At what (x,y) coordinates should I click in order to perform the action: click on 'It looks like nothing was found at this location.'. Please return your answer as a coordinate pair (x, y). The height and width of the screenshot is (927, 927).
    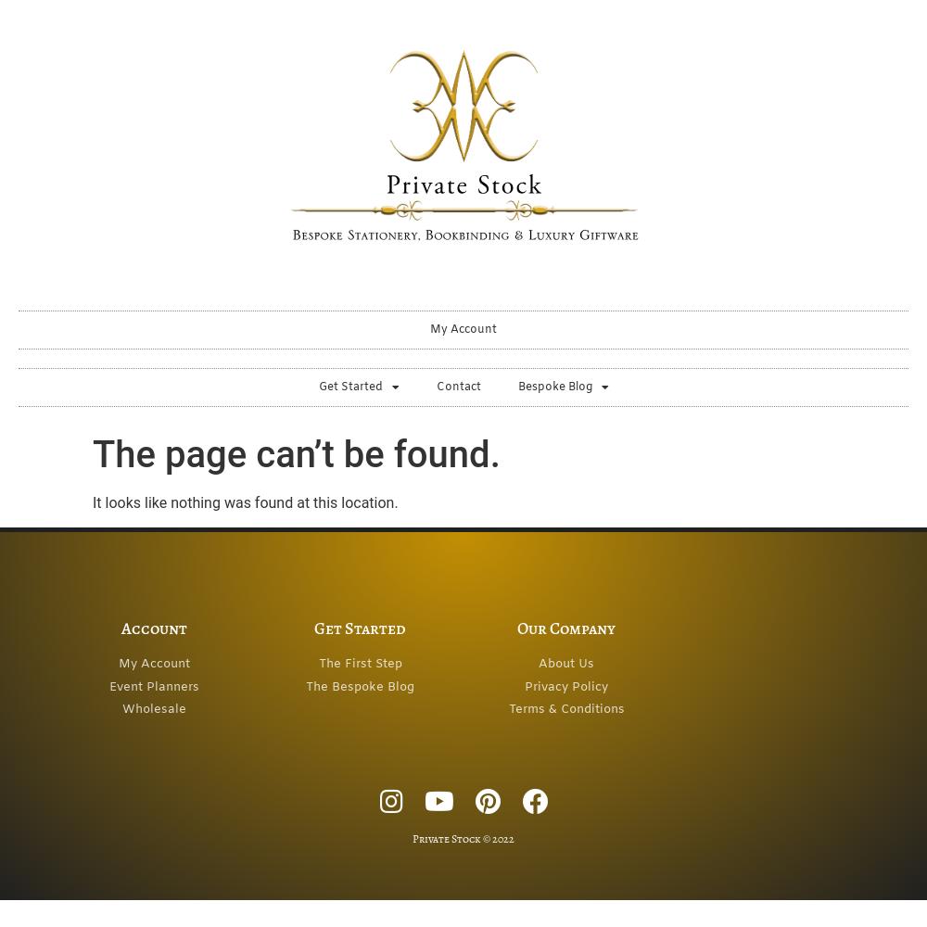
    Looking at the image, I should click on (245, 502).